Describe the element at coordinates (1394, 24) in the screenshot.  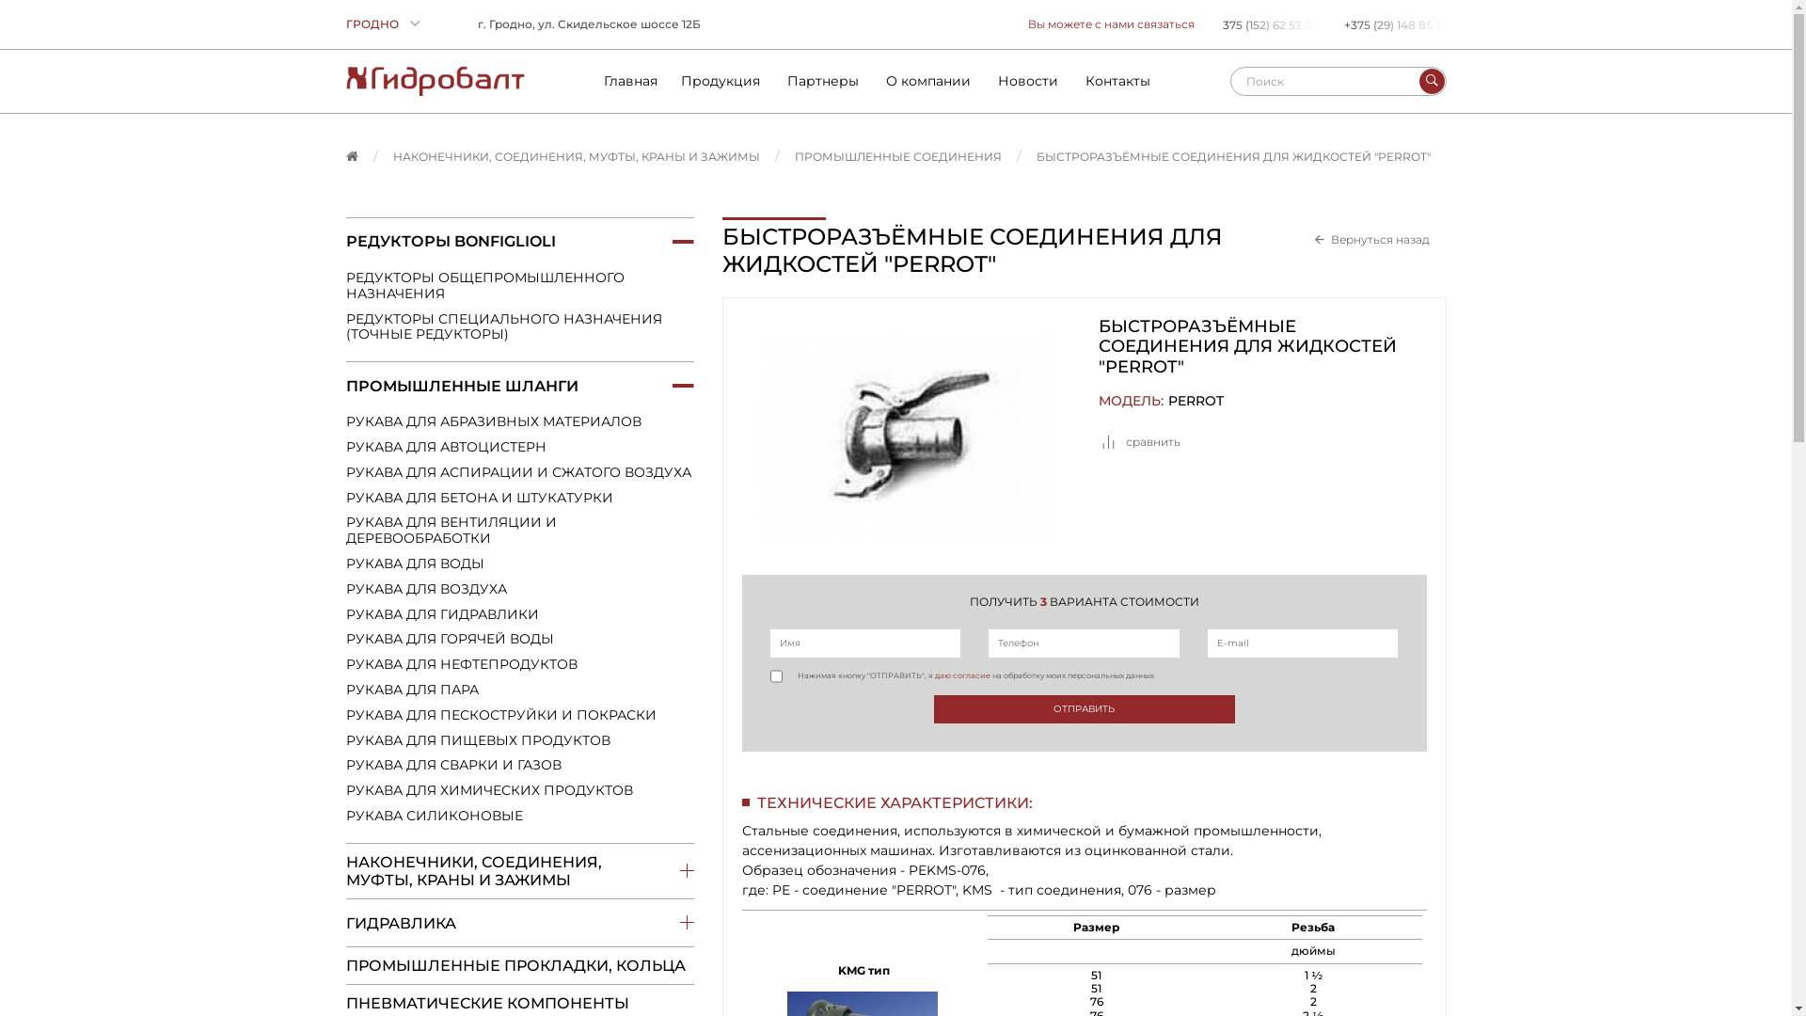
I see `'+375 (29) 148 85 1'` at that location.